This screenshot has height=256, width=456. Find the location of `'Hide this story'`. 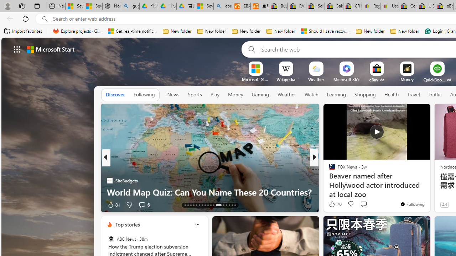

'Hide this story' is located at coordinates (409, 112).